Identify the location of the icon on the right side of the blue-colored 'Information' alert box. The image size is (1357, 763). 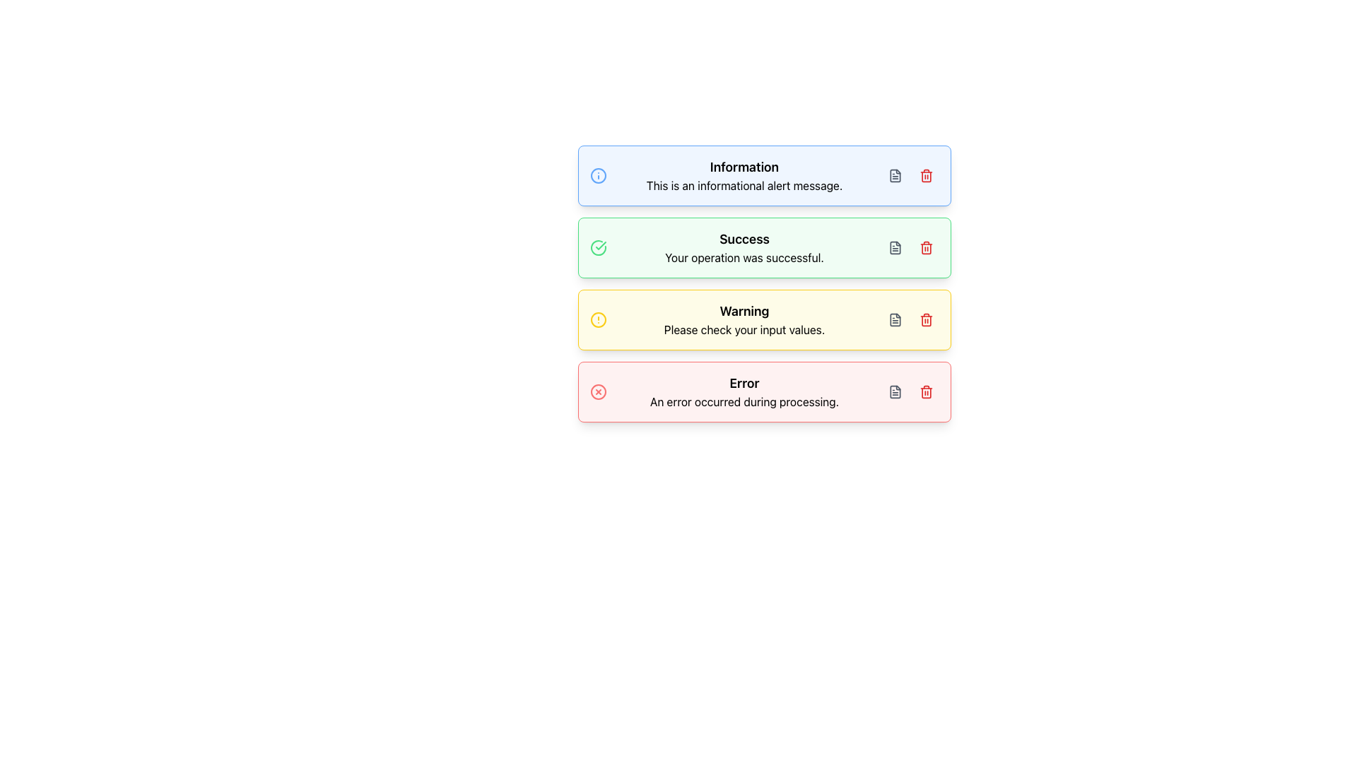
(894, 175).